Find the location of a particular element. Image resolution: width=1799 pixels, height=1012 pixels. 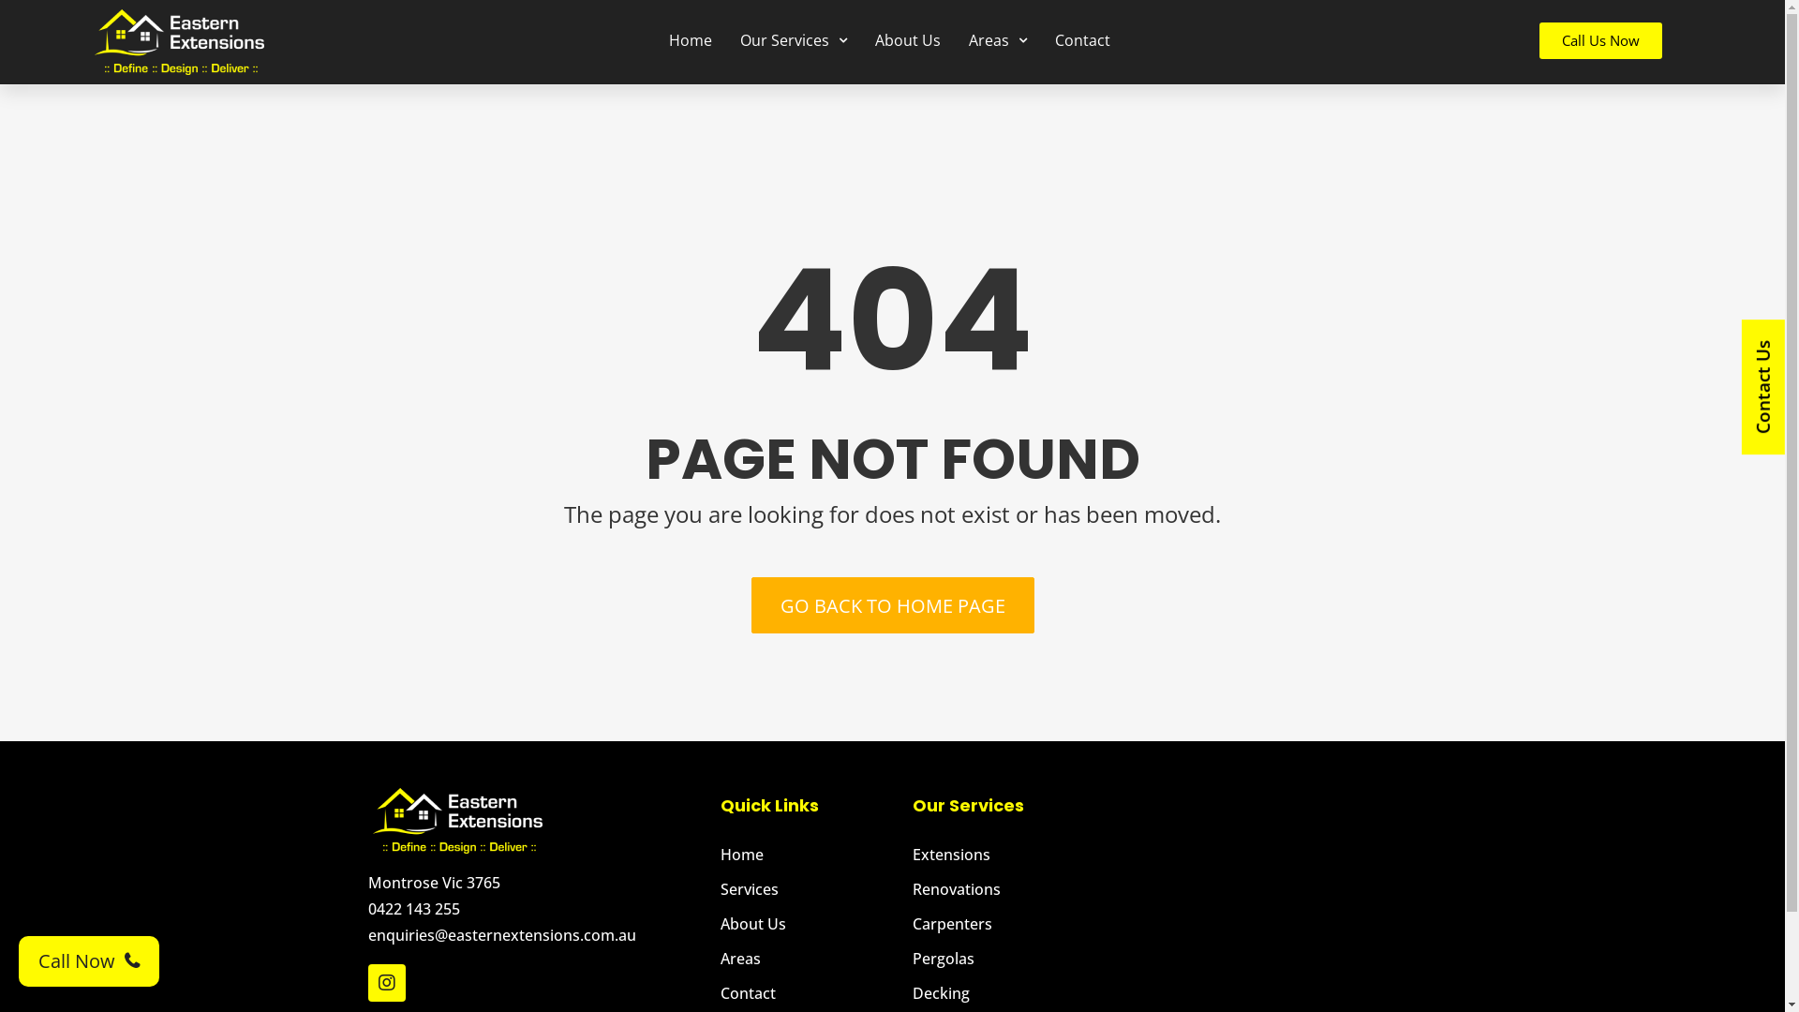

'Call Now  ' is located at coordinates (18, 961).